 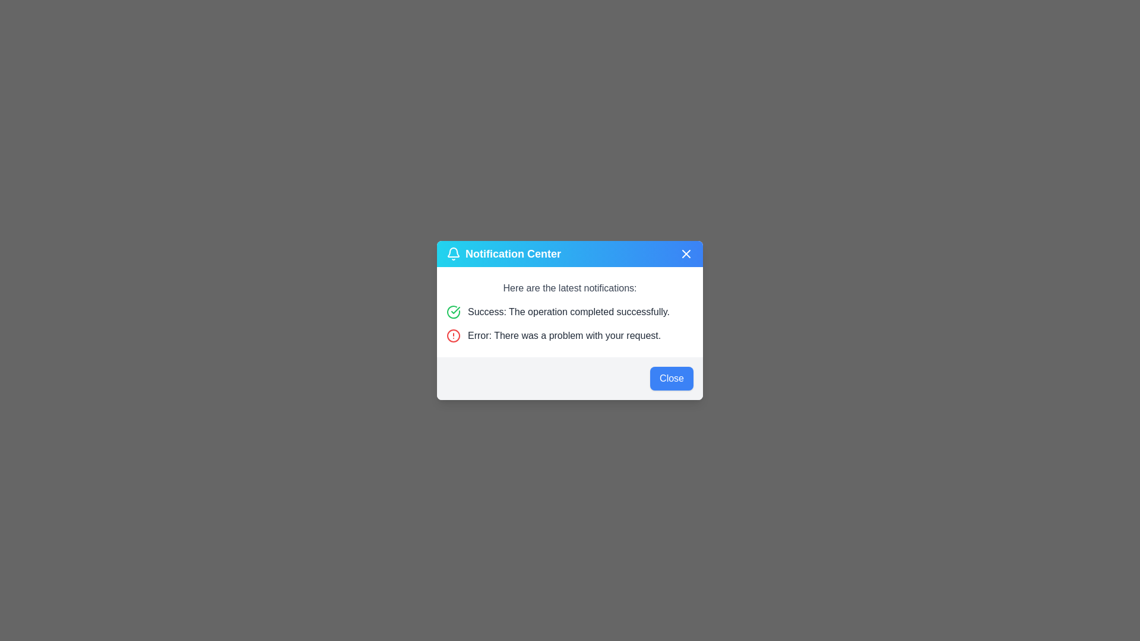 What do you see at coordinates (452, 311) in the screenshot?
I see `the Decorative SVG icon indicating the success status of the message, located to the left of the text 'Success: The operation completed successfully.'` at bounding box center [452, 311].